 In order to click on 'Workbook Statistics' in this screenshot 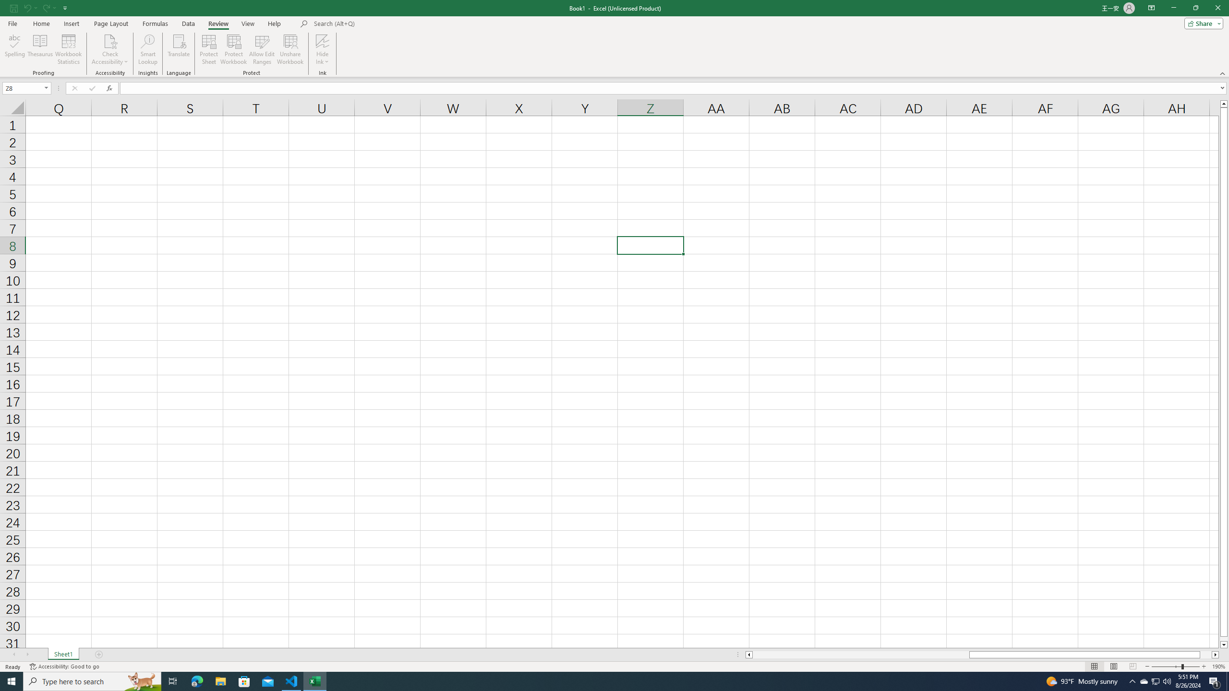, I will do `click(68, 49)`.